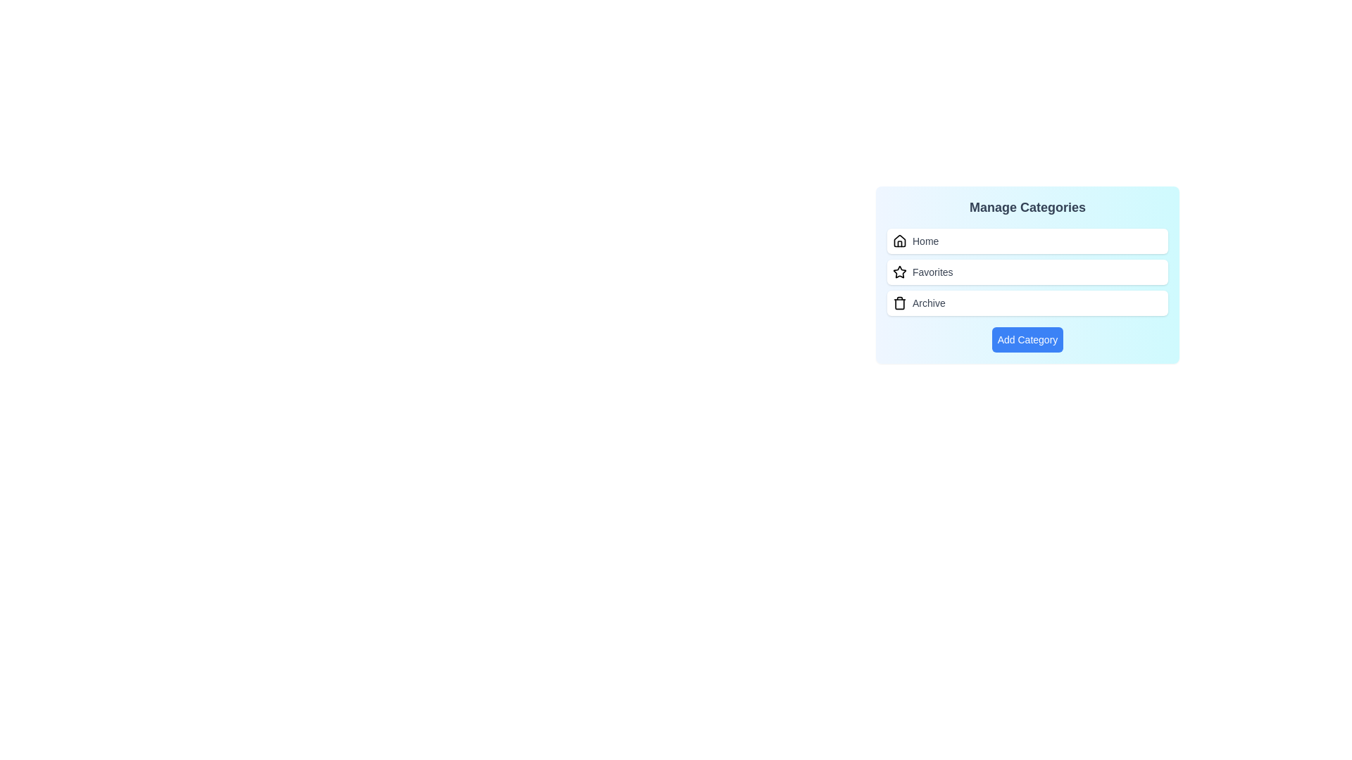 The width and height of the screenshot is (1352, 760). I want to click on the category label Archive to select it, so click(929, 303).